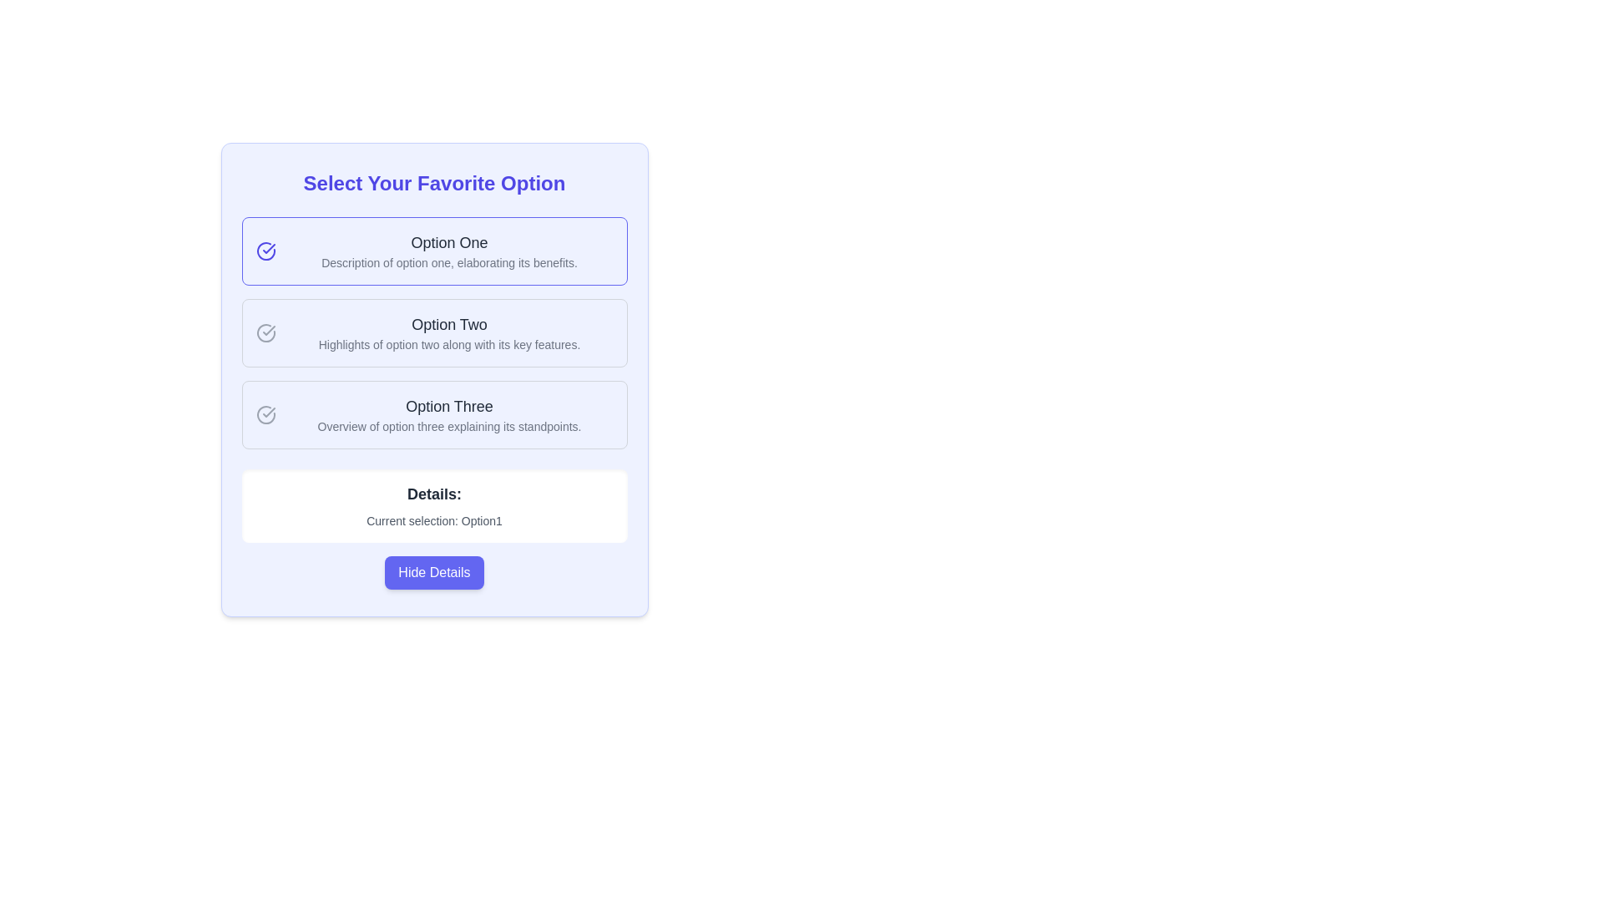  What do you see at coordinates (434, 493) in the screenshot?
I see `the 'Details:' text label styled as a header, which is large and bold` at bounding box center [434, 493].